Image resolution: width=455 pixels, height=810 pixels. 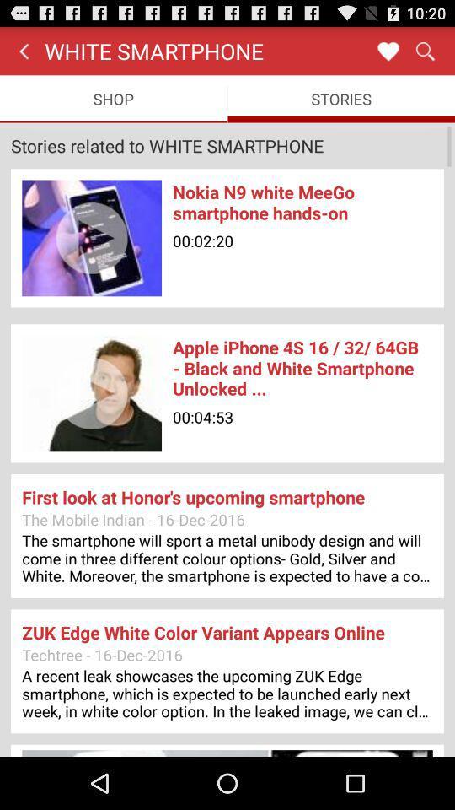 I want to click on search area, so click(x=424, y=50).